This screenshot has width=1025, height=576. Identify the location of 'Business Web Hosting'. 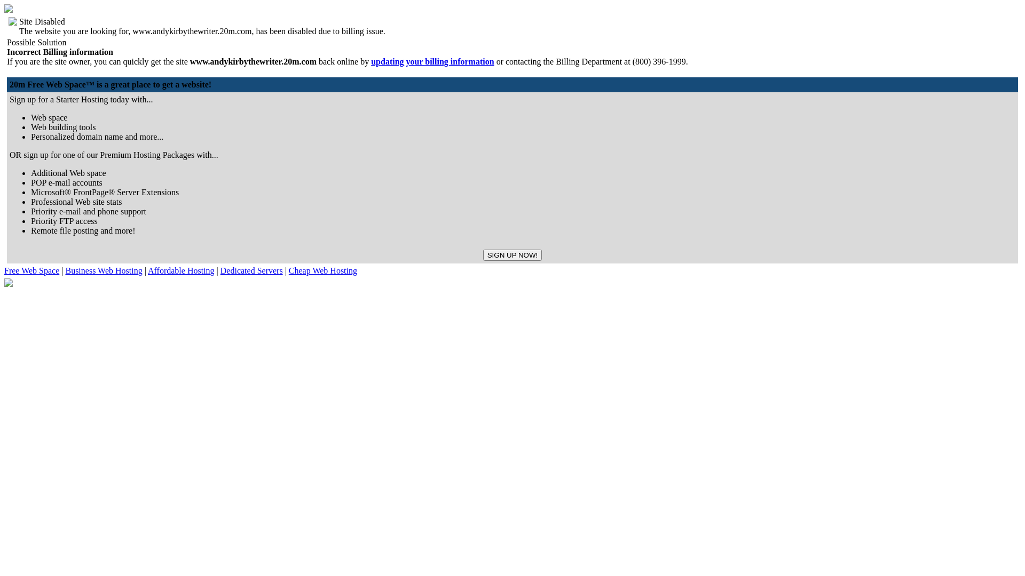
(103, 270).